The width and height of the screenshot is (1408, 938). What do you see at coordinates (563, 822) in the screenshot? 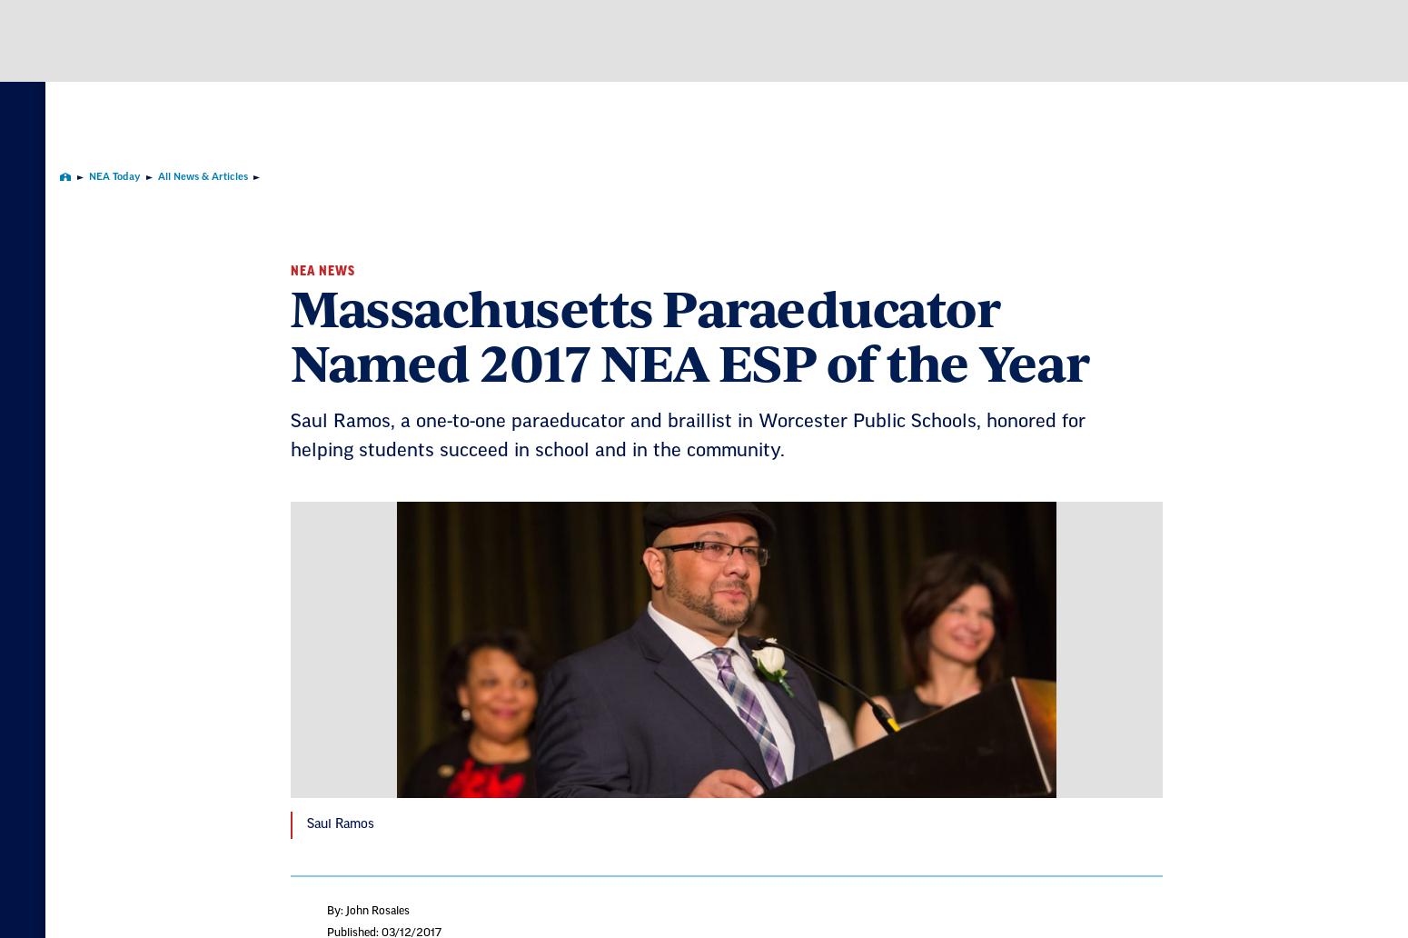
I see `'First Name'` at bounding box center [563, 822].